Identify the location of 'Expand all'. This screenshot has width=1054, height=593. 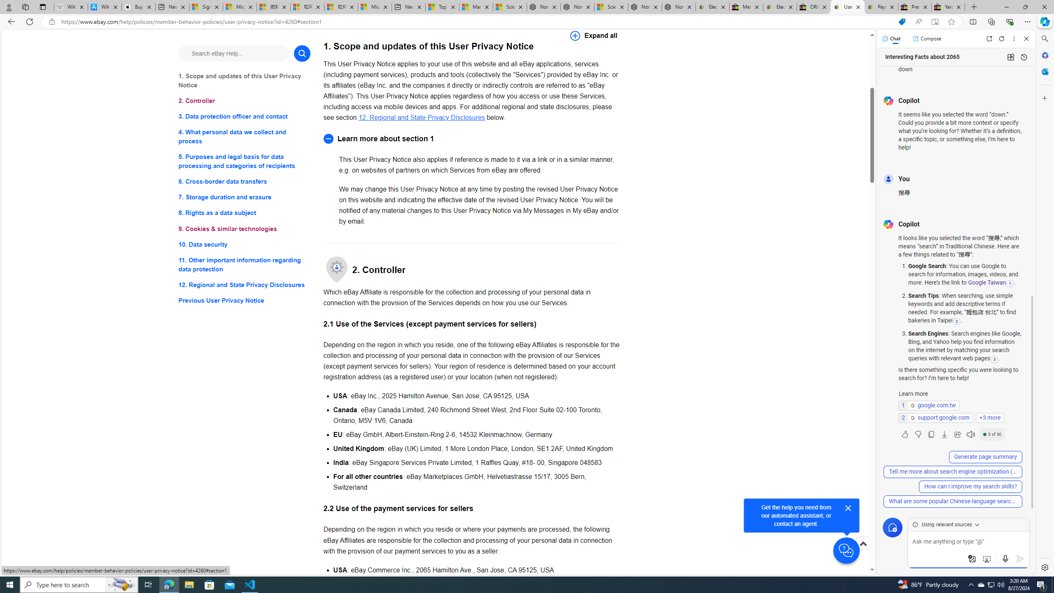
(594, 35).